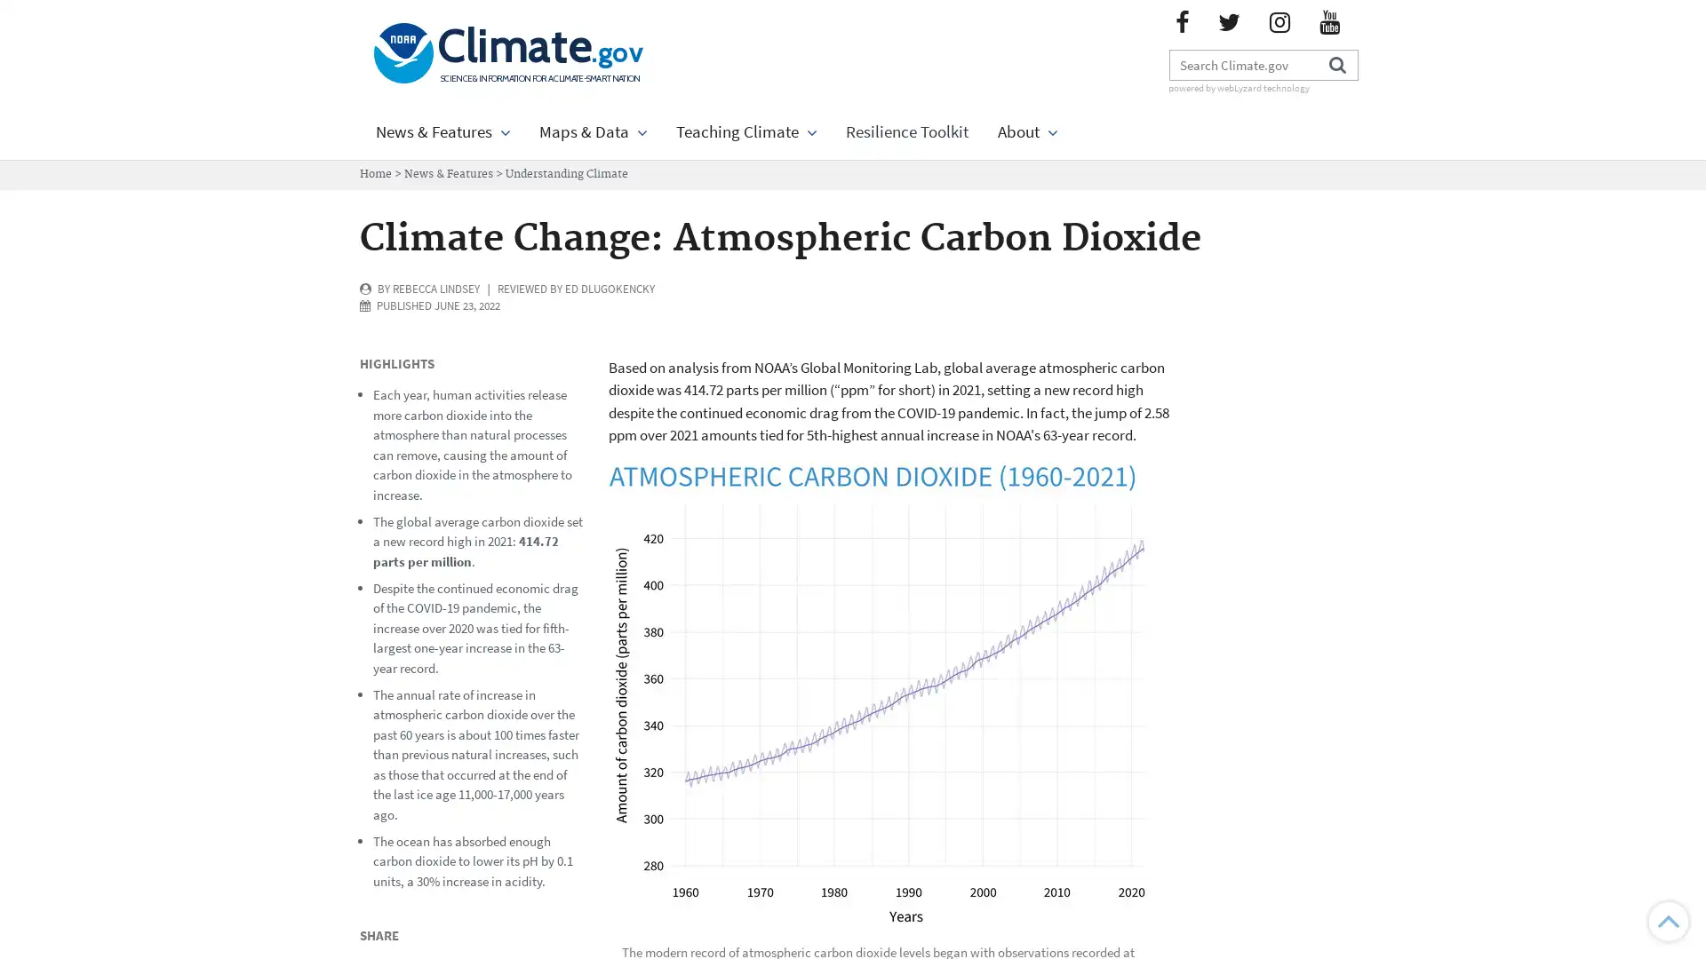 The height and width of the screenshot is (959, 1706). What do you see at coordinates (746, 130) in the screenshot?
I see `Teaching Climate` at bounding box center [746, 130].